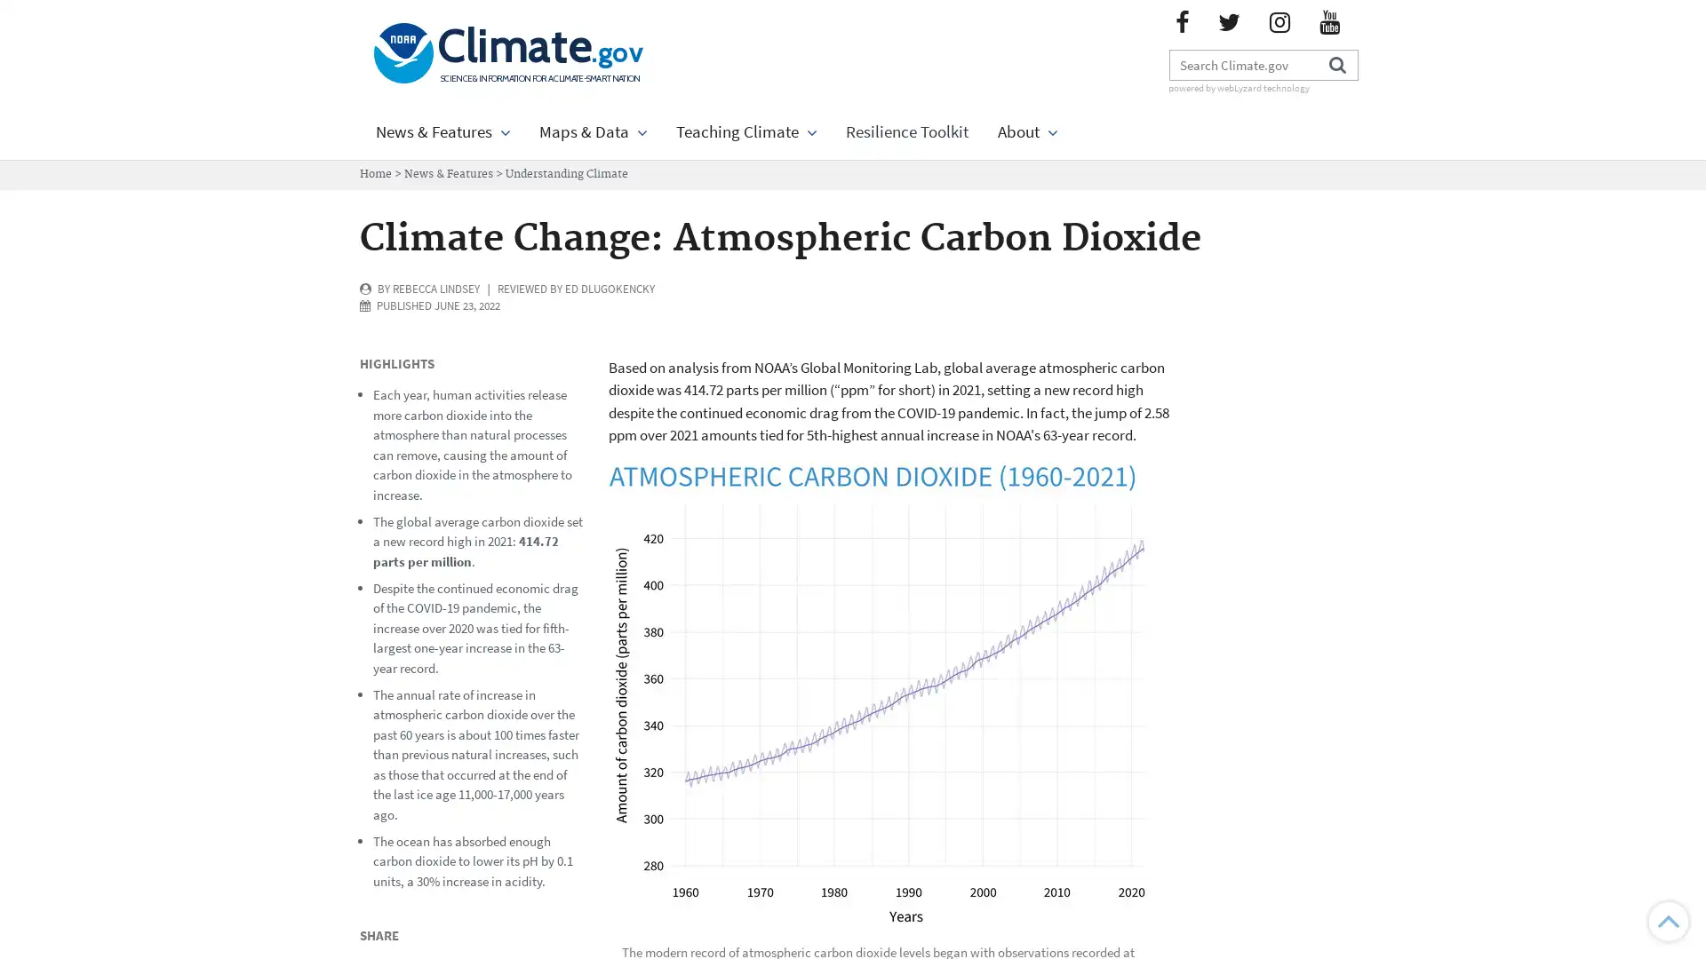 The height and width of the screenshot is (959, 1706). What do you see at coordinates (746, 130) in the screenshot?
I see `Teaching Climate` at bounding box center [746, 130].